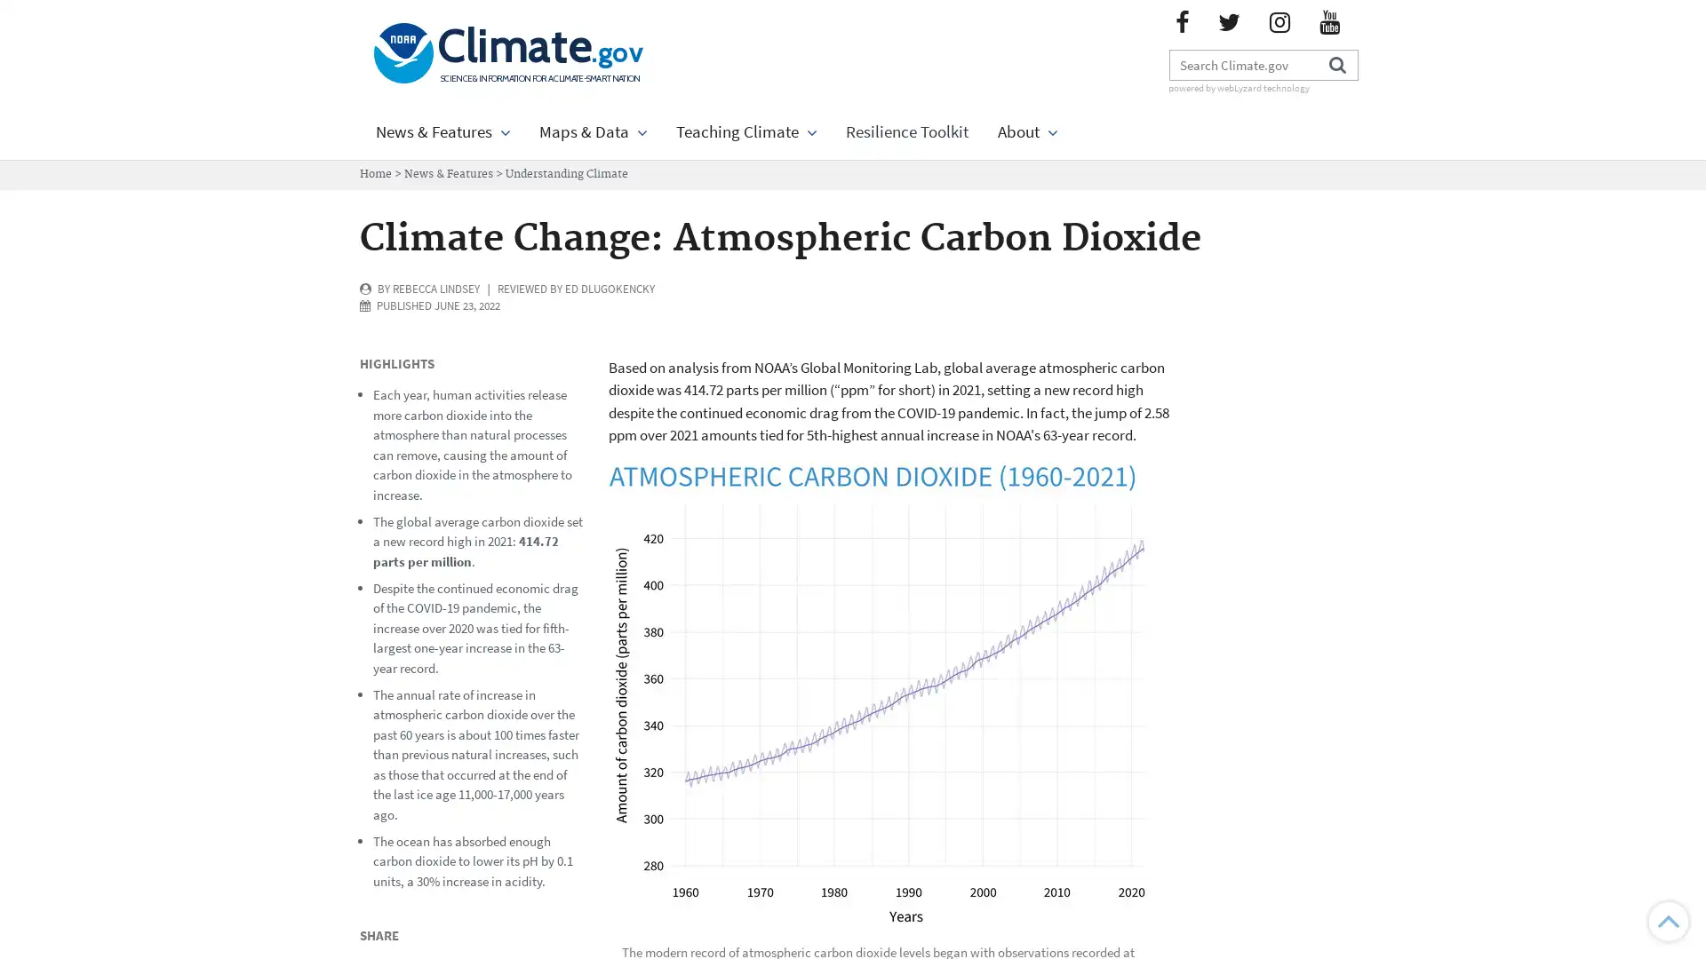 The height and width of the screenshot is (959, 1706). What do you see at coordinates (746, 130) in the screenshot?
I see `Teaching Climate` at bounding box center [746, 130].